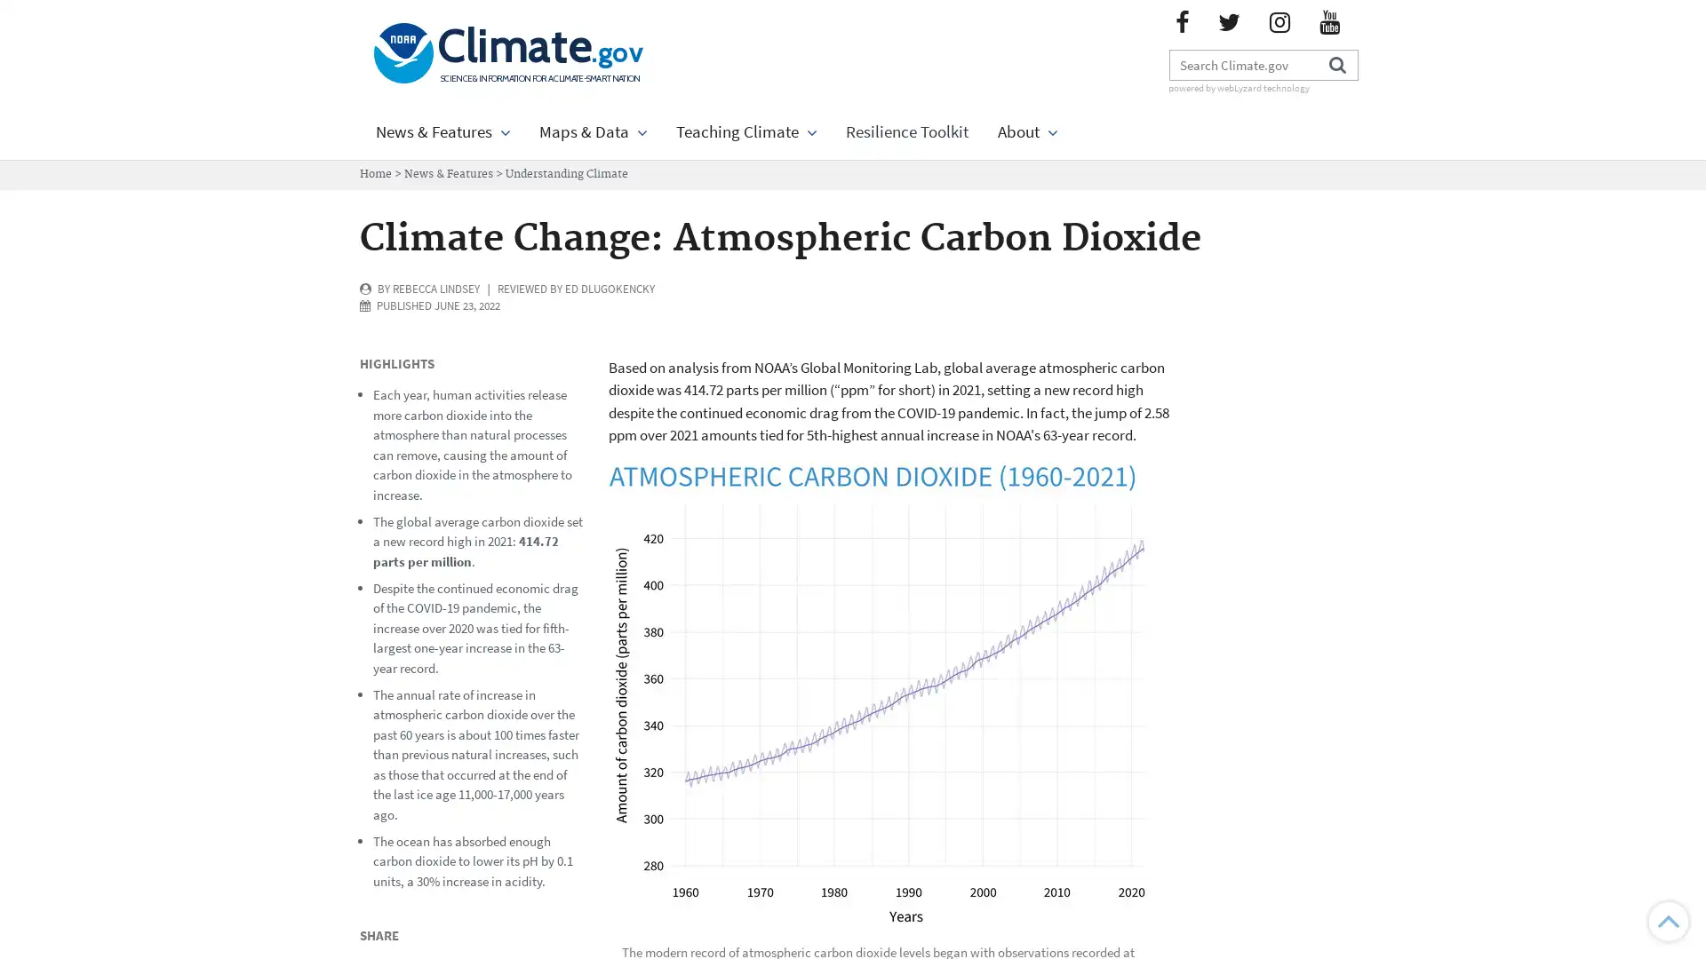 The height and width of the screenshot is (959, 1706). What do you see at coordinates (746, 130) in the screenshot?
I see `Teaching Climate` at bounding box center [746, 130].